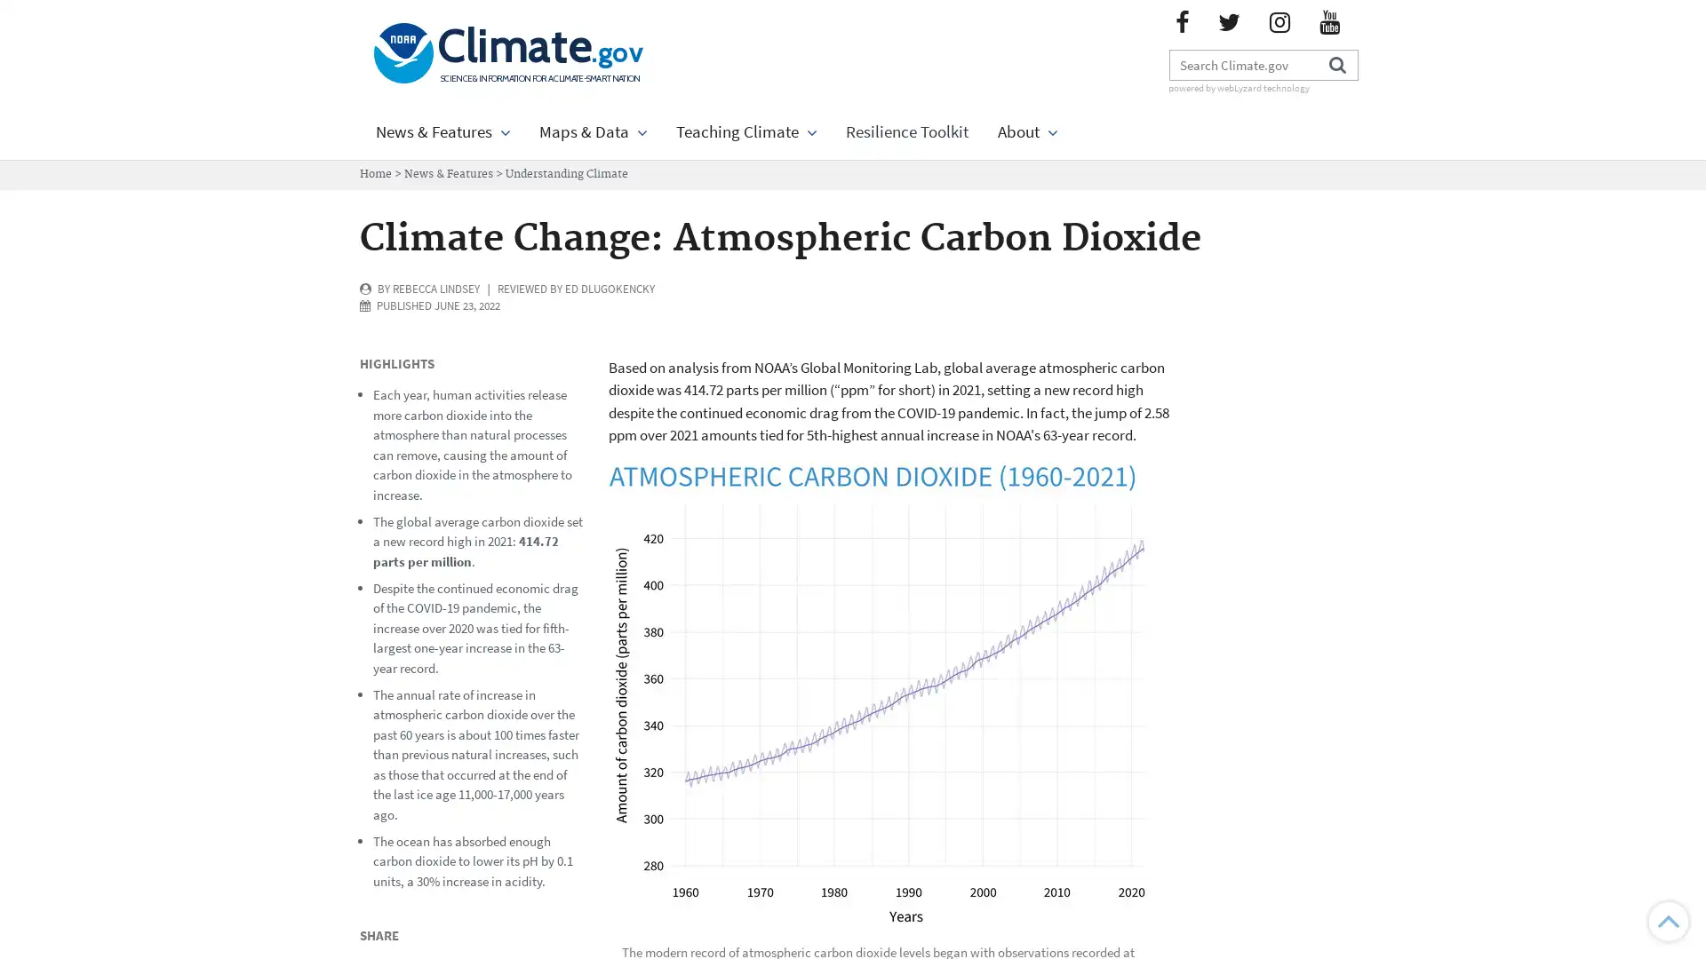 The height and width of the screenshot is (959, 1706). What do you see at coordinates (746, 130) in the screenshot?
I see `Teaching Climate` at bounding box center [746, 130].